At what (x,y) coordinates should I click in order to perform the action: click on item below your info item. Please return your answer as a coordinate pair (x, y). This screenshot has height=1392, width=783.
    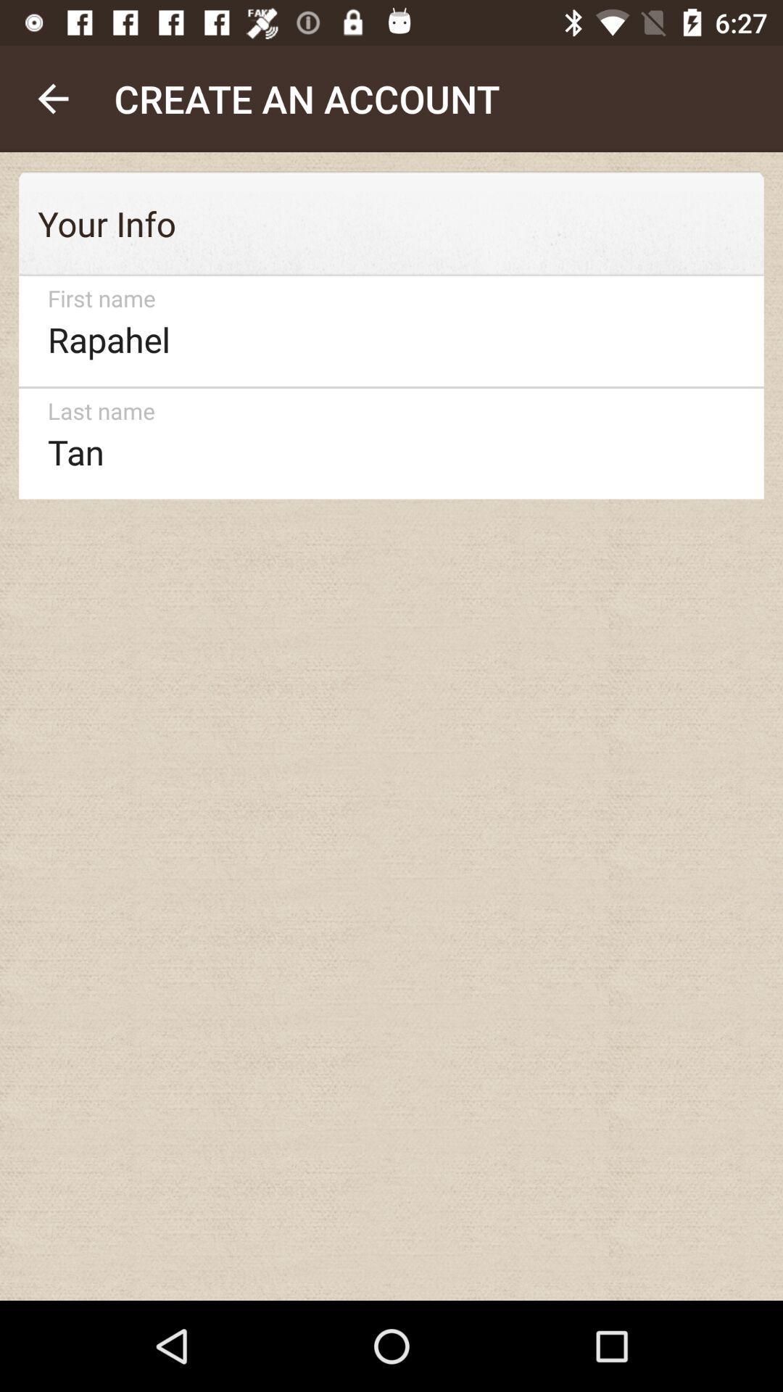
    Looking at the image, I should click on (384, 331).